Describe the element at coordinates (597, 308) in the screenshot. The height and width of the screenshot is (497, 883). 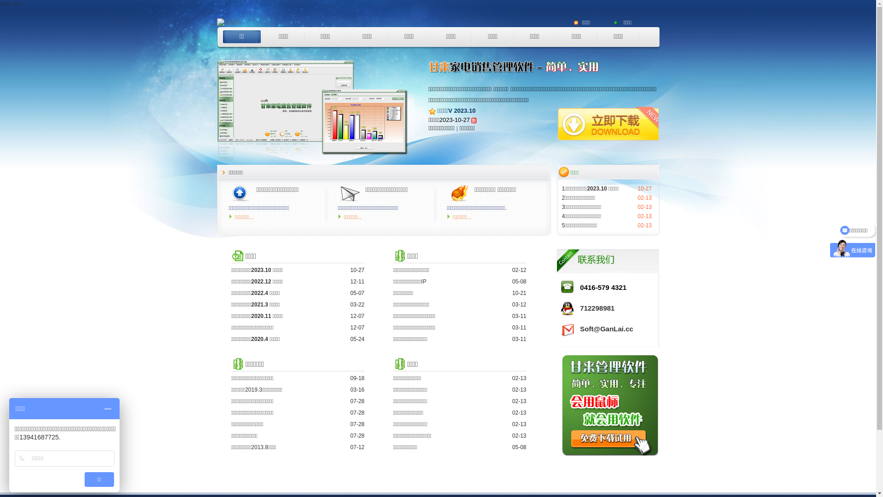
I see `'712298981'` at that location.